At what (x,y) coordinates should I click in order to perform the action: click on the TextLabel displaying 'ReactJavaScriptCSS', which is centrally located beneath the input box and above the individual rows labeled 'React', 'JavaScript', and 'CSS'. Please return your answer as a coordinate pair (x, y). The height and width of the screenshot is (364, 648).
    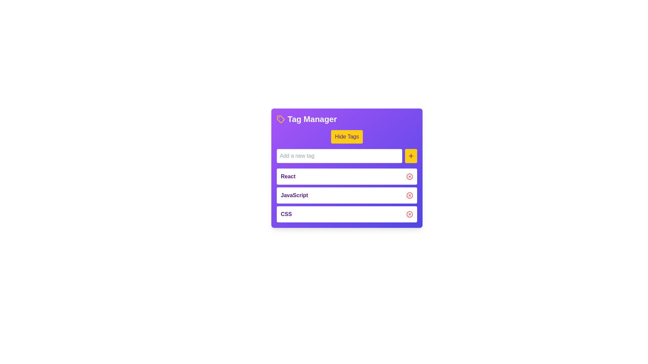
    Looking at the image, I should click on (347, 186).